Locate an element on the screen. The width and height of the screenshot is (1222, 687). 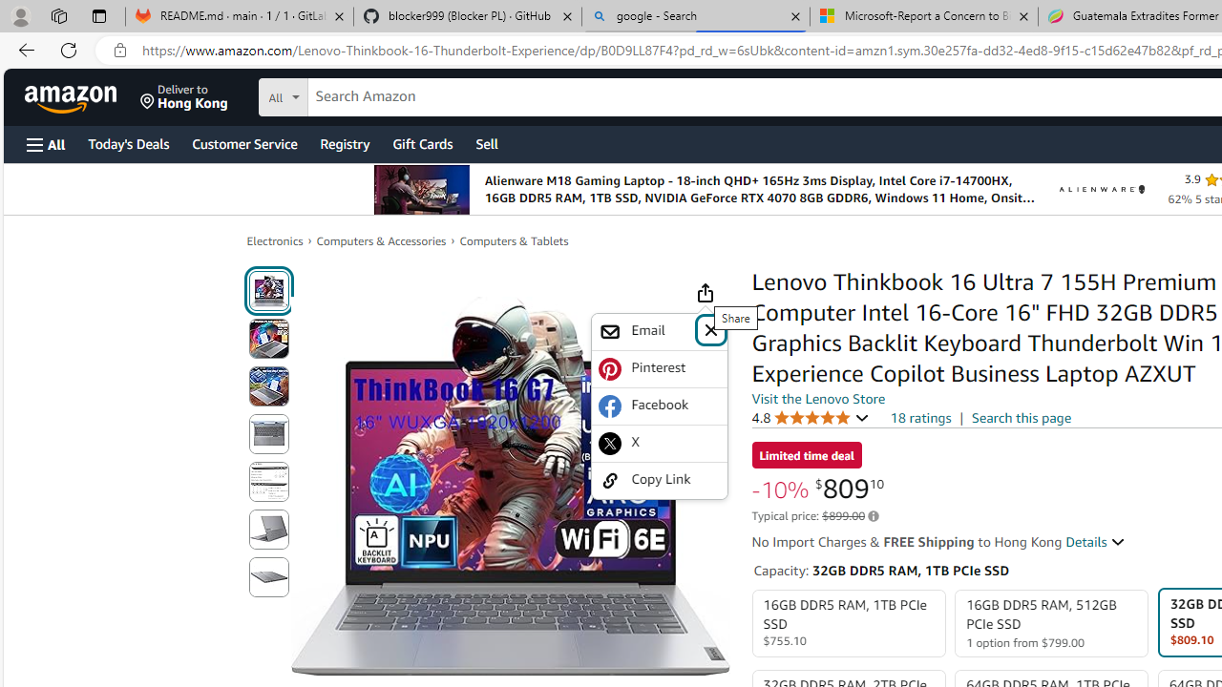
'Pinterest' is located at coordinates (659, 368).